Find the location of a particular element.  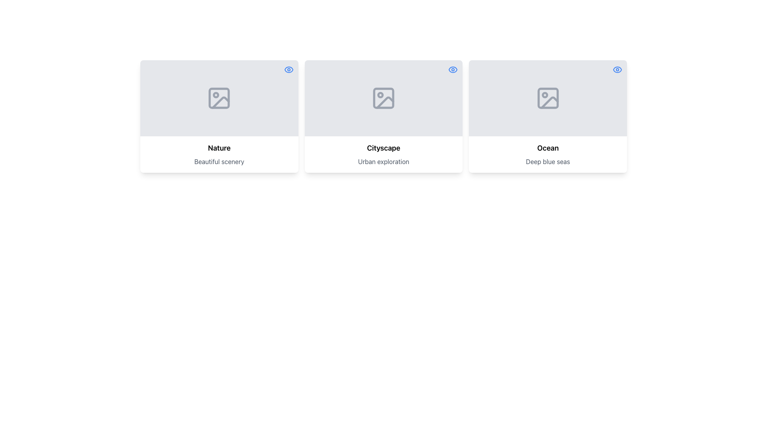

the icon located in the top-right corner of the 'Nature' card is located at coordinates (288, 69).